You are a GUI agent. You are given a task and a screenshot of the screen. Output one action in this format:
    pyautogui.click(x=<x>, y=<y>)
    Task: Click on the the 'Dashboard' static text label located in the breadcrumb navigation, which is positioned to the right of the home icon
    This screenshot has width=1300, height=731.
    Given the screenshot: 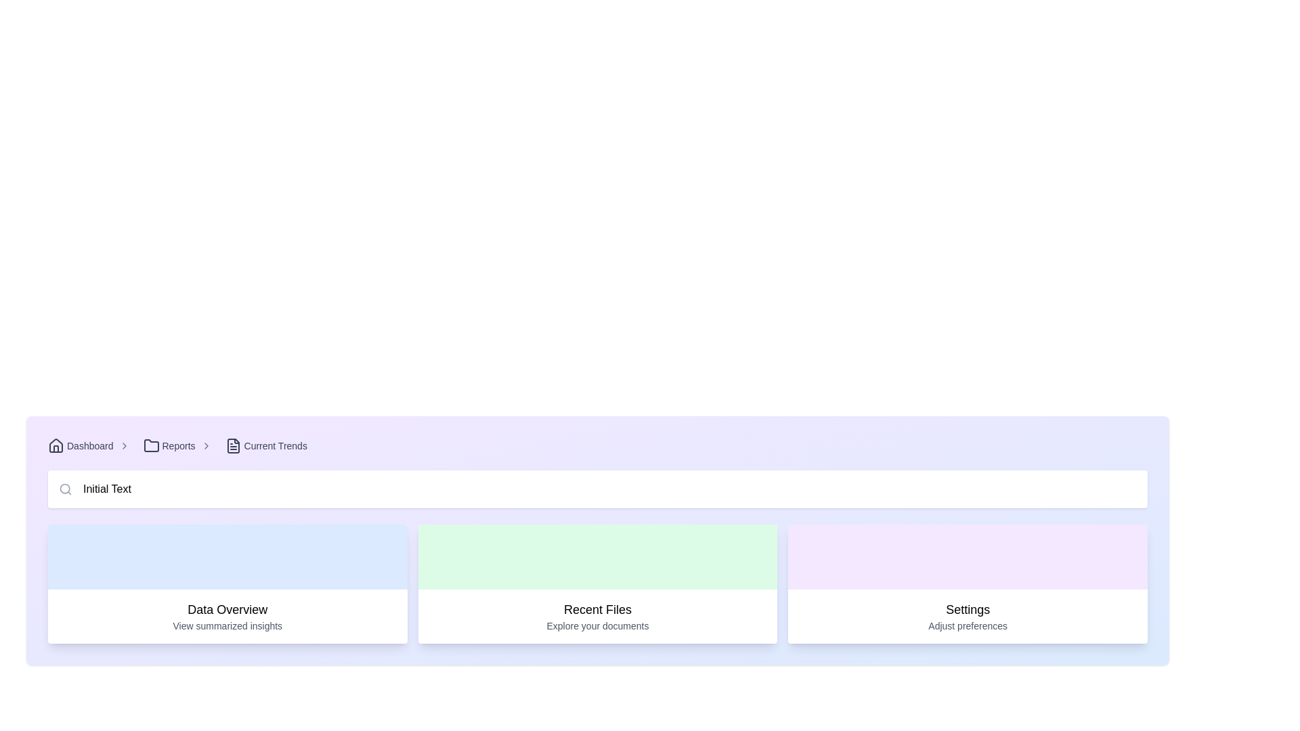 What is the action you would take?
    pyautogui.click(x=89, y=446)
    